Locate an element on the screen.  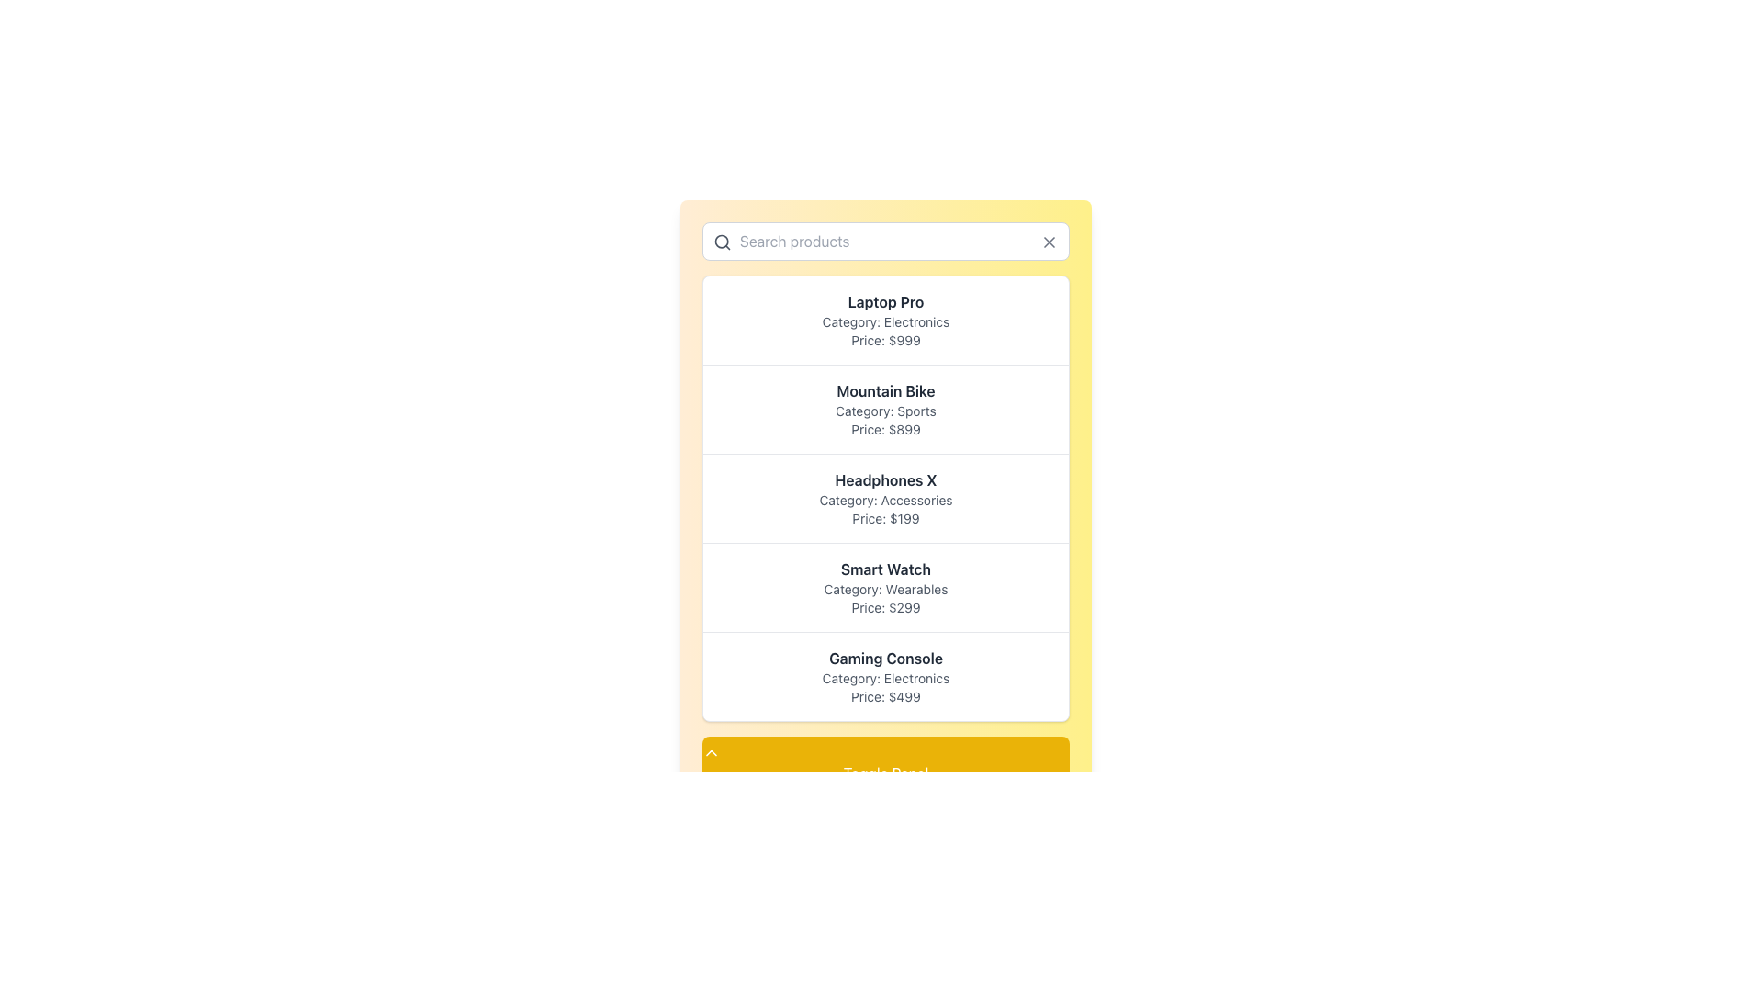
to select the Smart Watch product card, which features a white background, rounded corners, and includes the title 'Smart Watch' in bold dark-gray font is located at coordinates (885, 587).